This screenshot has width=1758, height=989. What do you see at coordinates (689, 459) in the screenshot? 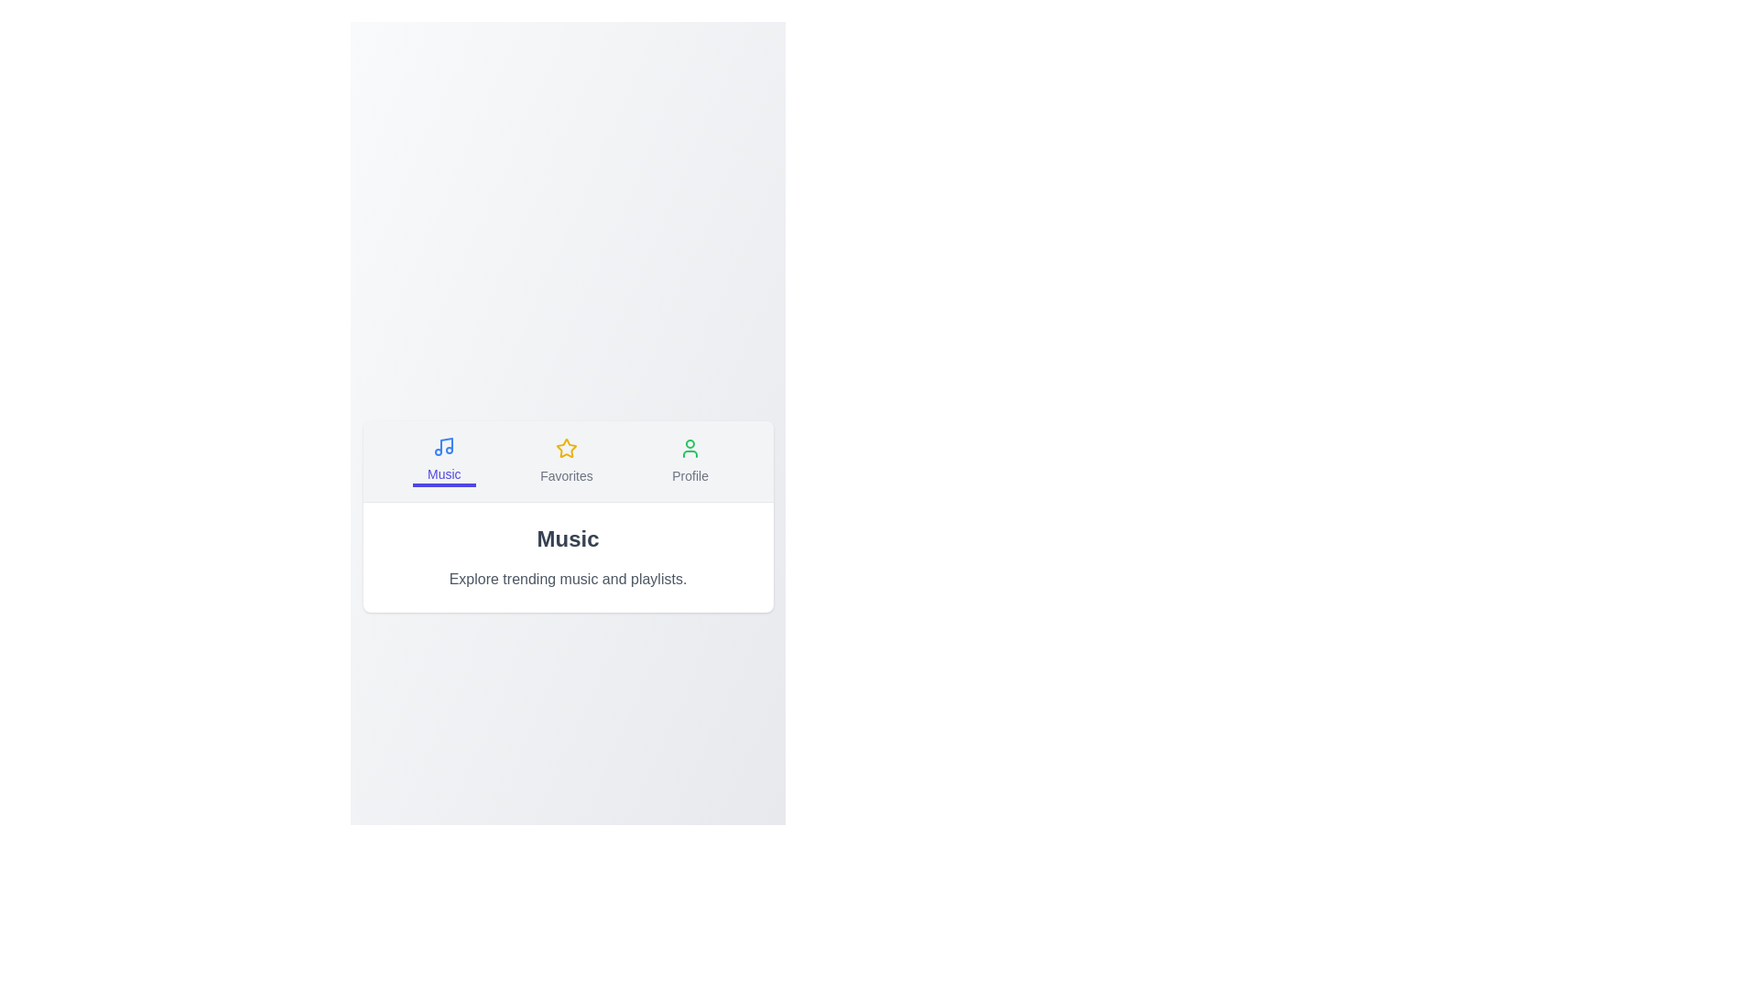
I see `the Profile tab by clicking its button` at bounding box center [689, 459].